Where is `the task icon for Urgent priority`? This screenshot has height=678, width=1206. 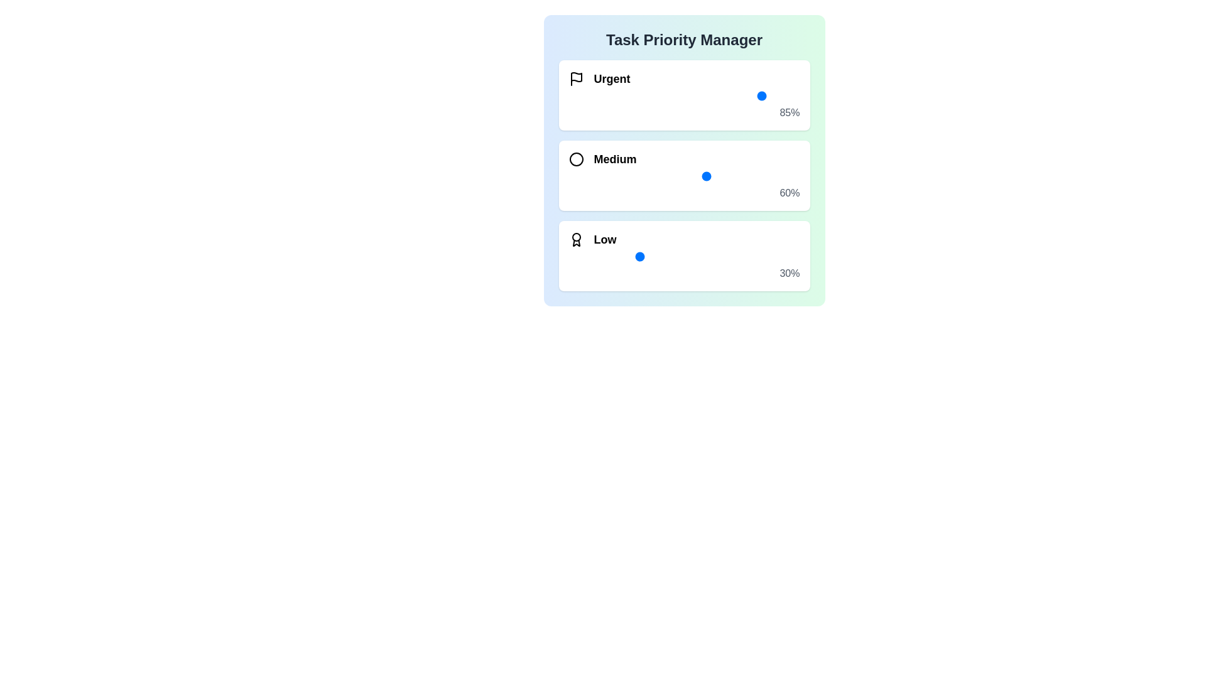 the task icon for Urgent priority is located at coordinates (575, 79).